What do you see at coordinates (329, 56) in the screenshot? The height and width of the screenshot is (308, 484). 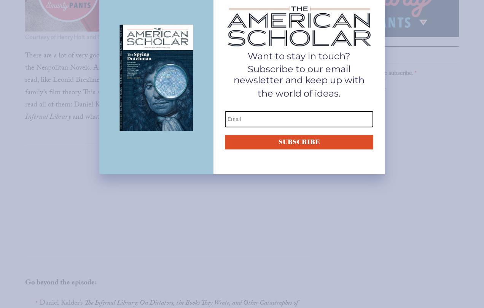 I see `'Newsletter'` at bounding box center [329, 56].